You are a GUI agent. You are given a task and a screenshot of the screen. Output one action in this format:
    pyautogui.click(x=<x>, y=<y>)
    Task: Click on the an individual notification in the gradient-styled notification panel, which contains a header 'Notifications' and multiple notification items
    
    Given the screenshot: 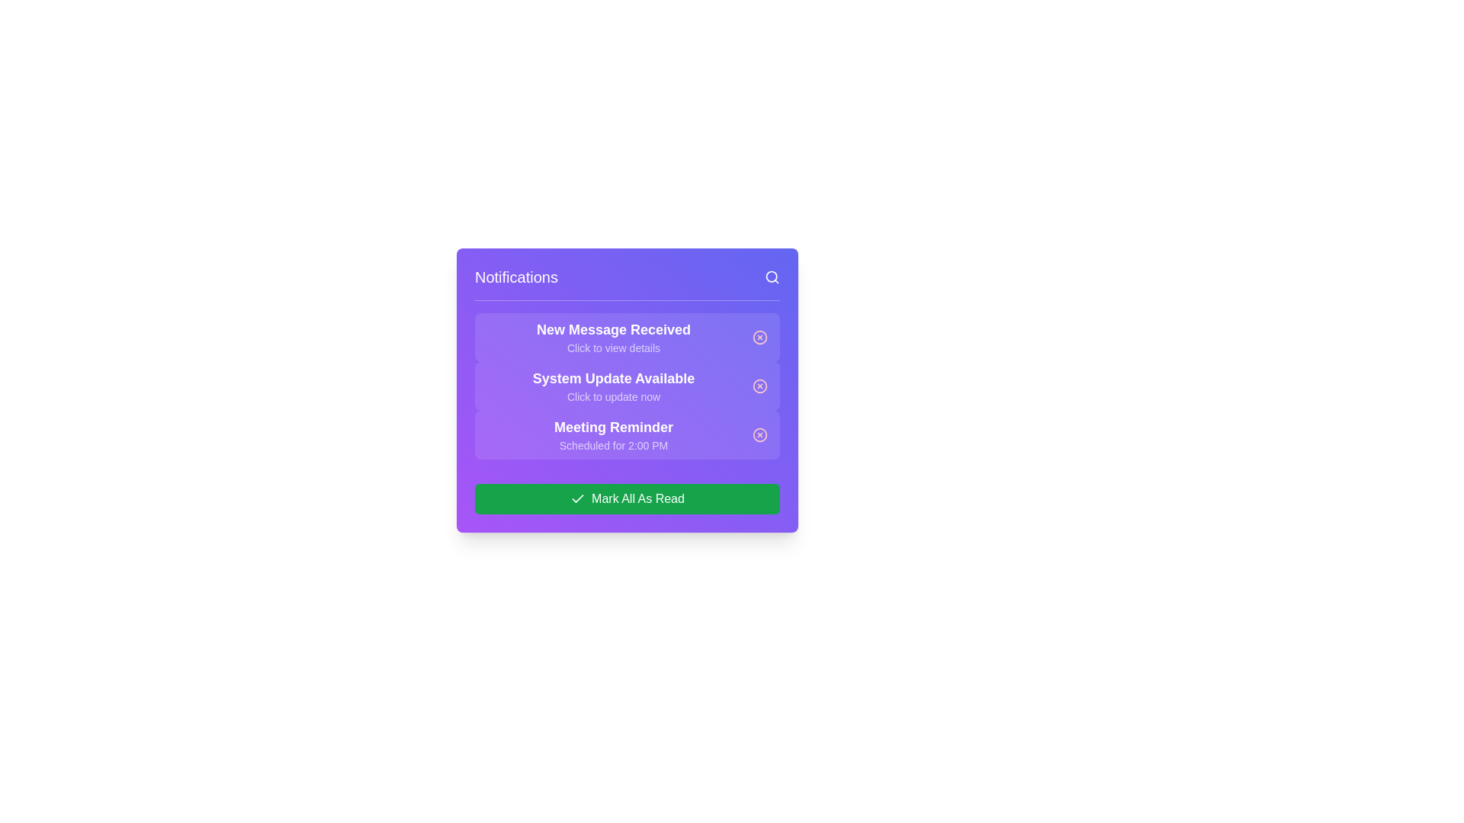 What is the action you would take?
    pyautogui.click(x=627, y=389)
    